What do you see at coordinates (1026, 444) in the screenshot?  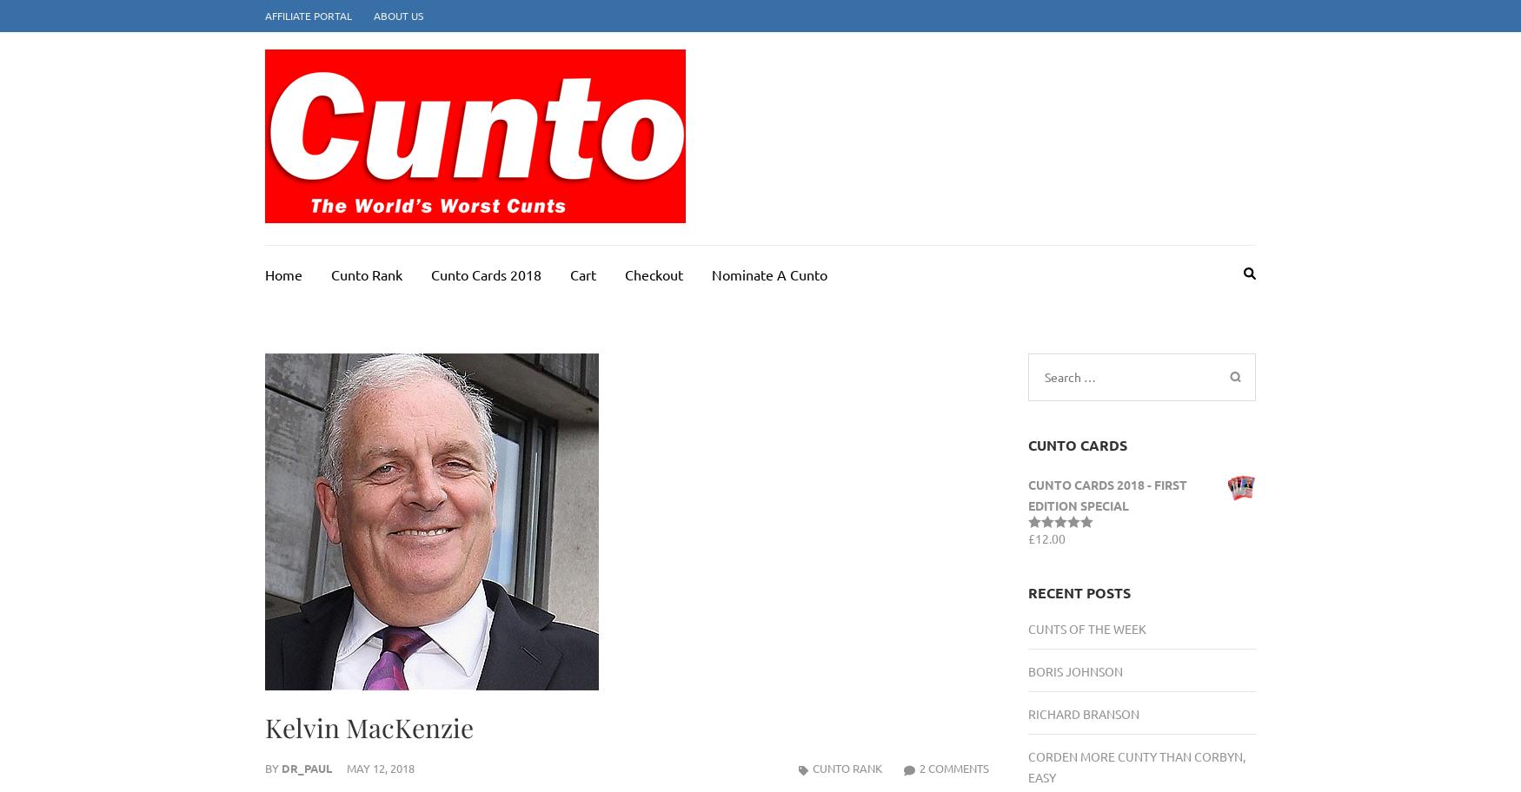 I see `'Cunto Cards'` at bounding box center [1026, 444].